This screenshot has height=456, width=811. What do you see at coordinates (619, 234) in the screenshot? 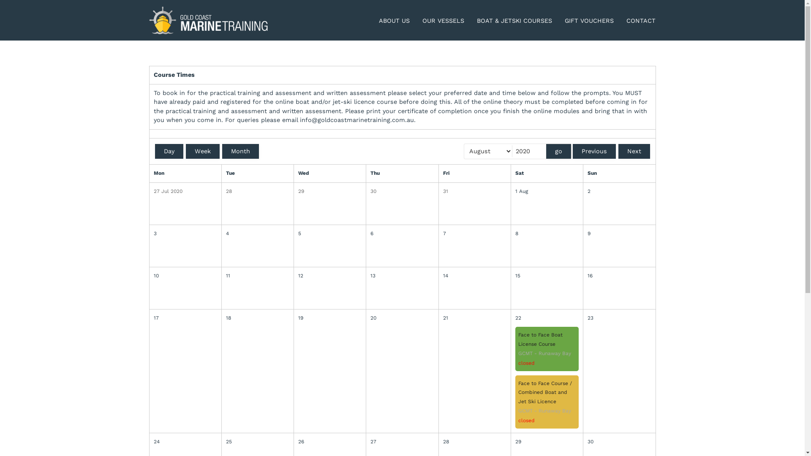
I see `'9'` at bounding box center [619, 234].